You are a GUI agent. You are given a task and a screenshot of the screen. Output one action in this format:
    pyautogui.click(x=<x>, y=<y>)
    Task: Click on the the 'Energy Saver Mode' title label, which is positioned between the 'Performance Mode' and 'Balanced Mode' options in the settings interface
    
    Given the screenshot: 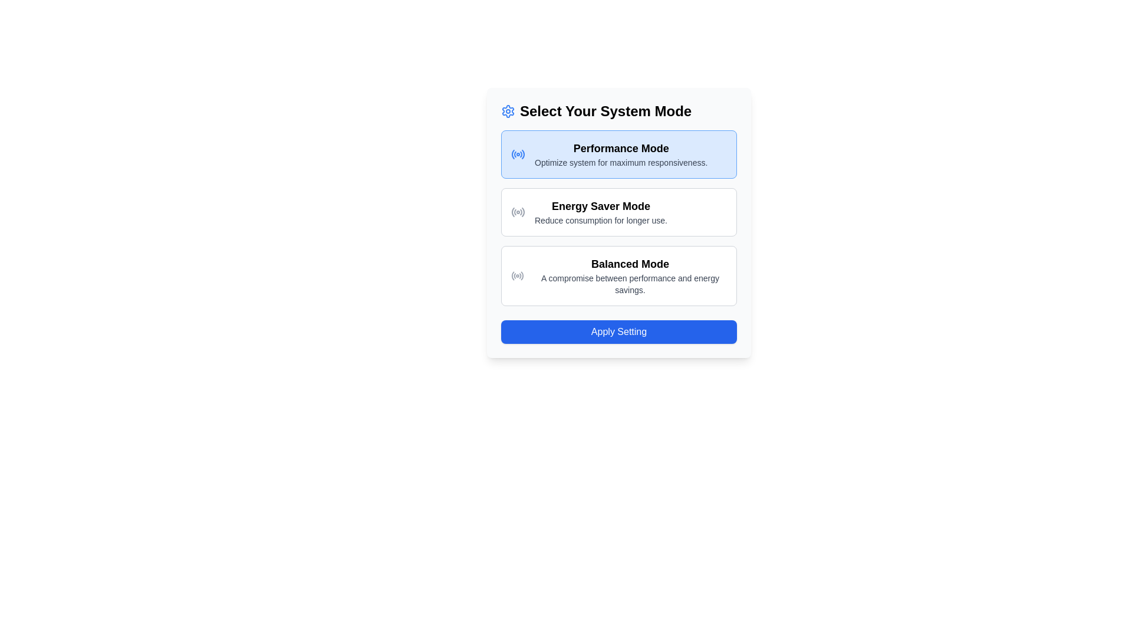 What is the action you would take?
    pyautogui.click(x=601, y=206)
    